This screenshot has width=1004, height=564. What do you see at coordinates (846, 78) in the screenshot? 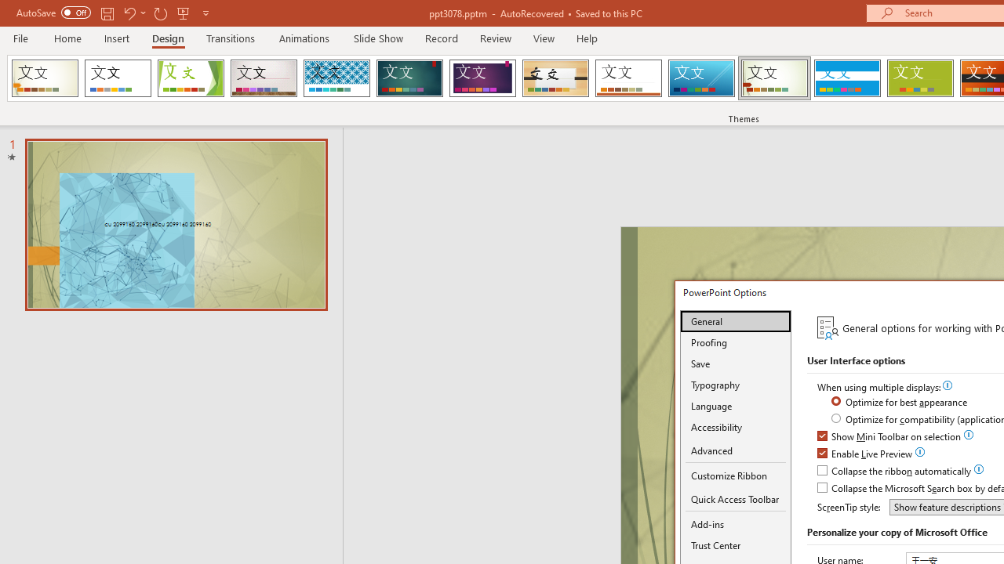
I see `'Banded Loading Preview...'` at bounding box center [846, 78].